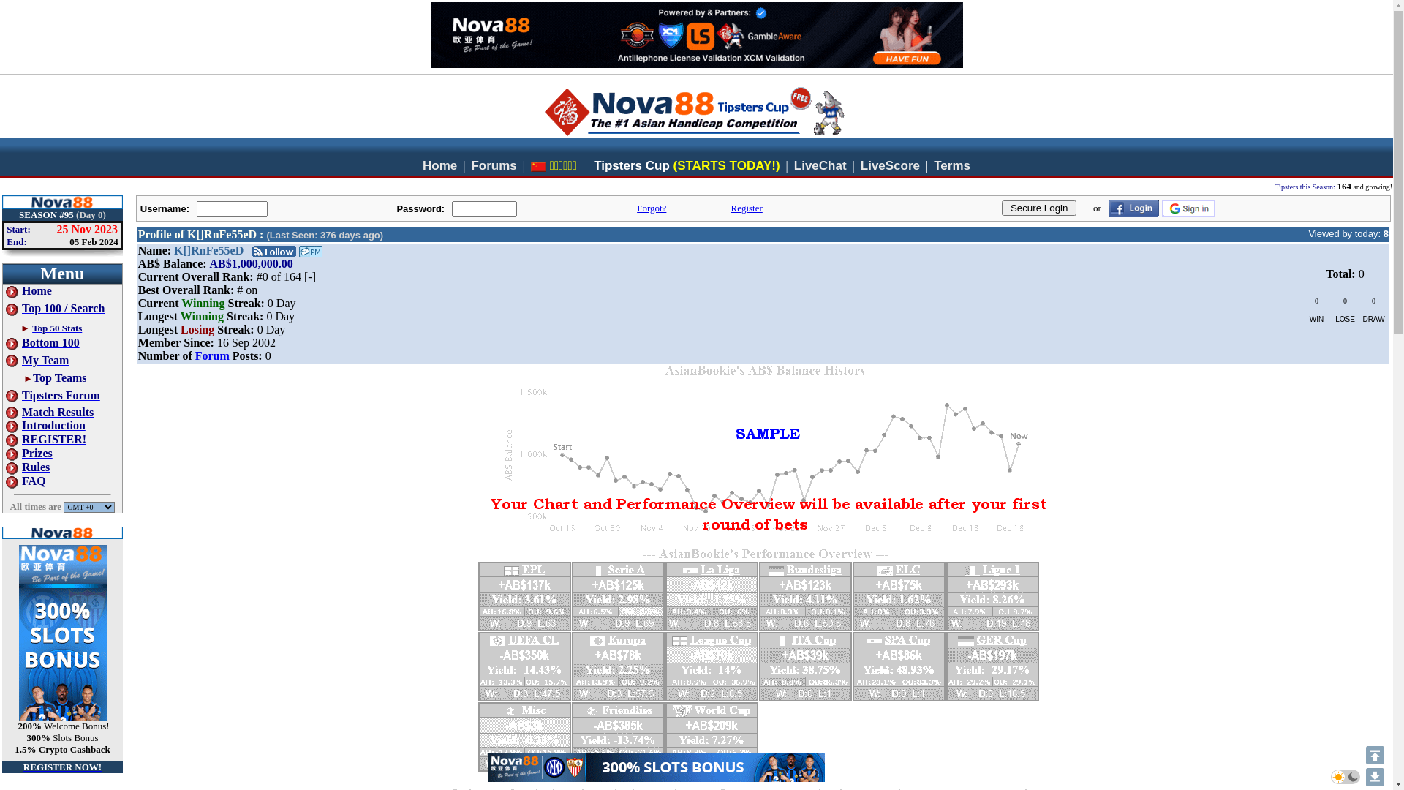 The image size is (1404, 790). Describe the element at coordinates (45, 438) in the screenshot. I see `'REGISTER!'` at that location.